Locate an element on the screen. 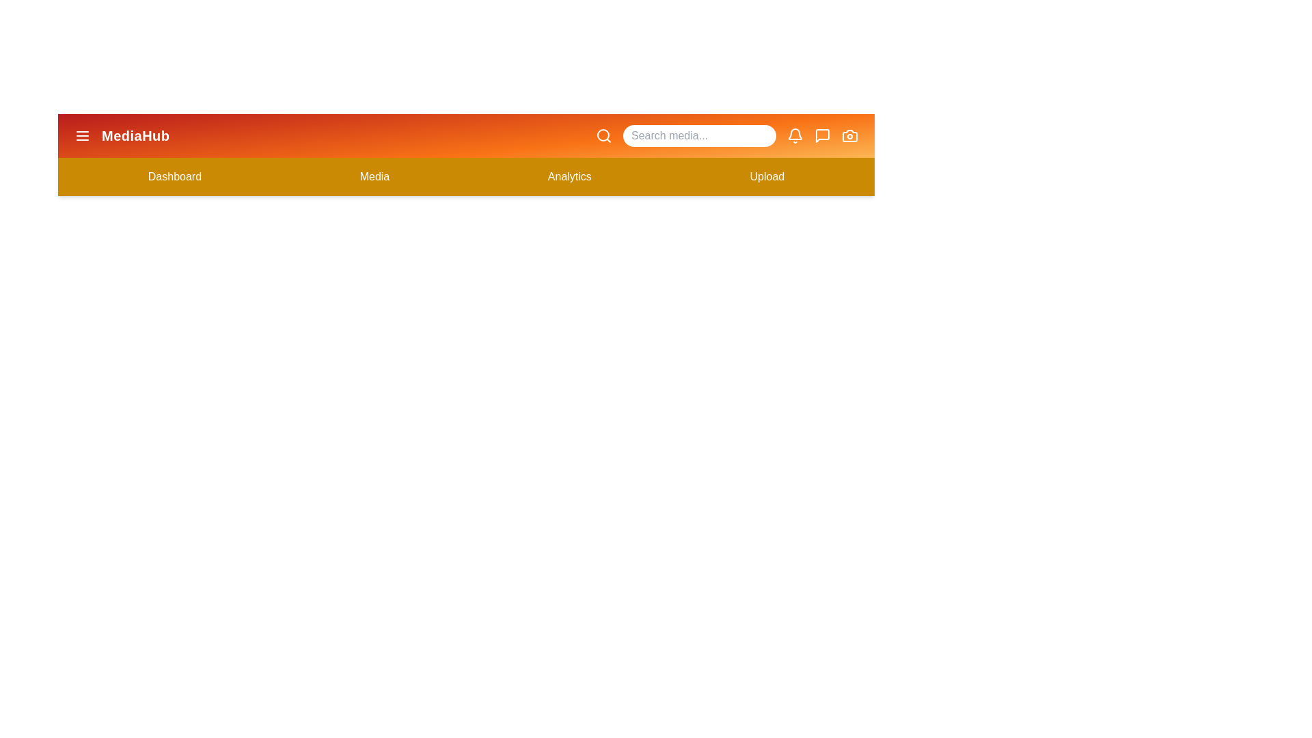 The height and width of the screenshot is (738, 1312). the 'Dashboard' text in the navigation bar is located at coordinates (174, 176).